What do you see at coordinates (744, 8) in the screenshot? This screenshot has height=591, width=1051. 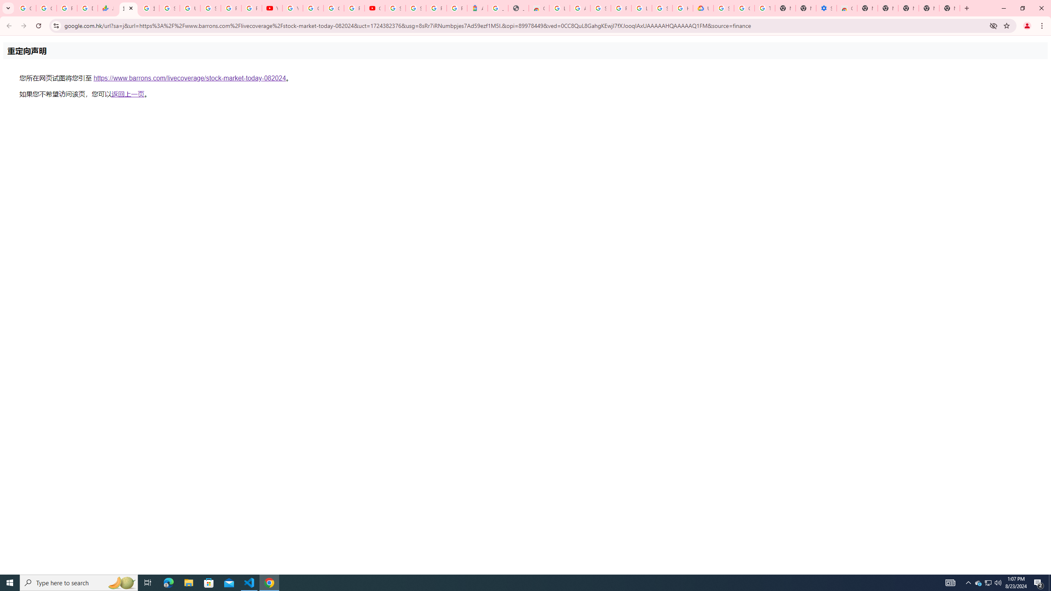 I see `'Google Account Help'` at bounding box center [744, 8].